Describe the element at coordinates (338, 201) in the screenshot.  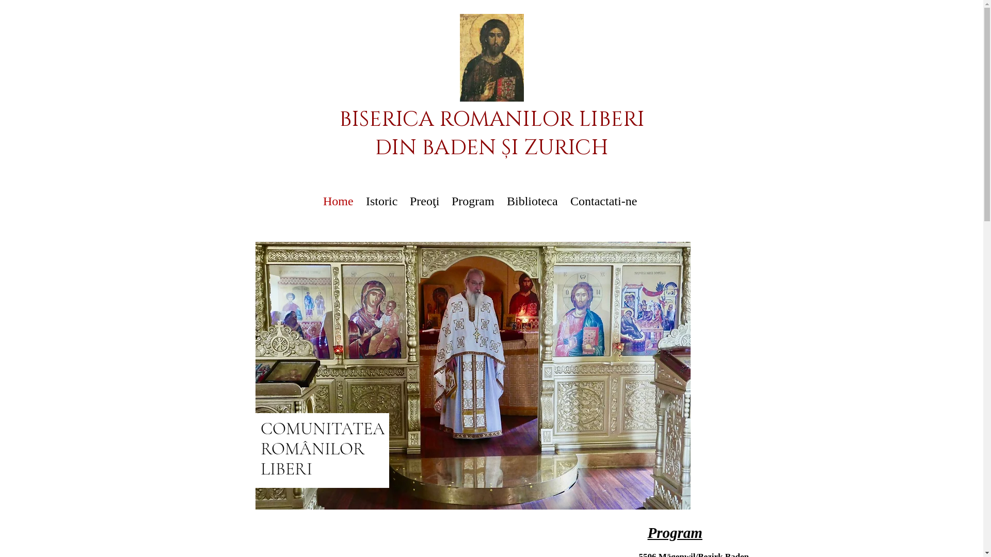
I see `'Home'` at that location.